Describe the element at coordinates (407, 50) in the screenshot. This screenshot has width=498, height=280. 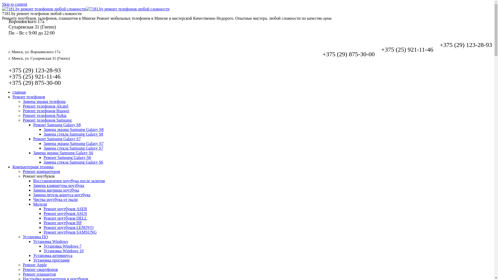
I see `'+375 (25) 921-11-46'` at that location.